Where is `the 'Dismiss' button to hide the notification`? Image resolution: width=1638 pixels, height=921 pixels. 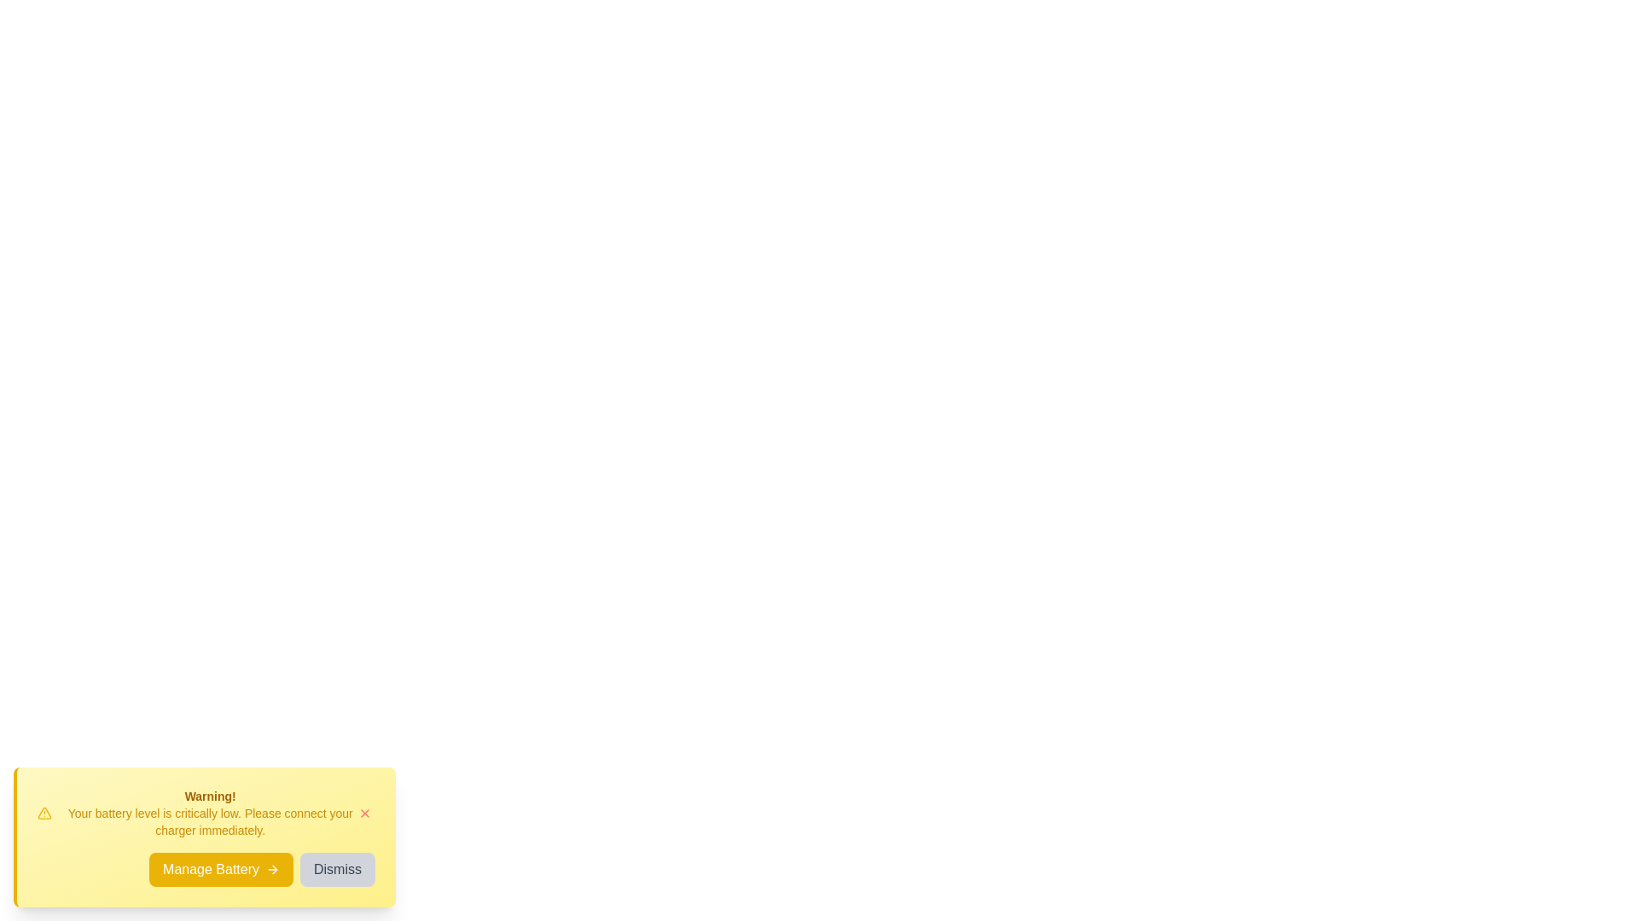
the 'Dismiss' button to hide the notification is located at coordinates (337, 869).